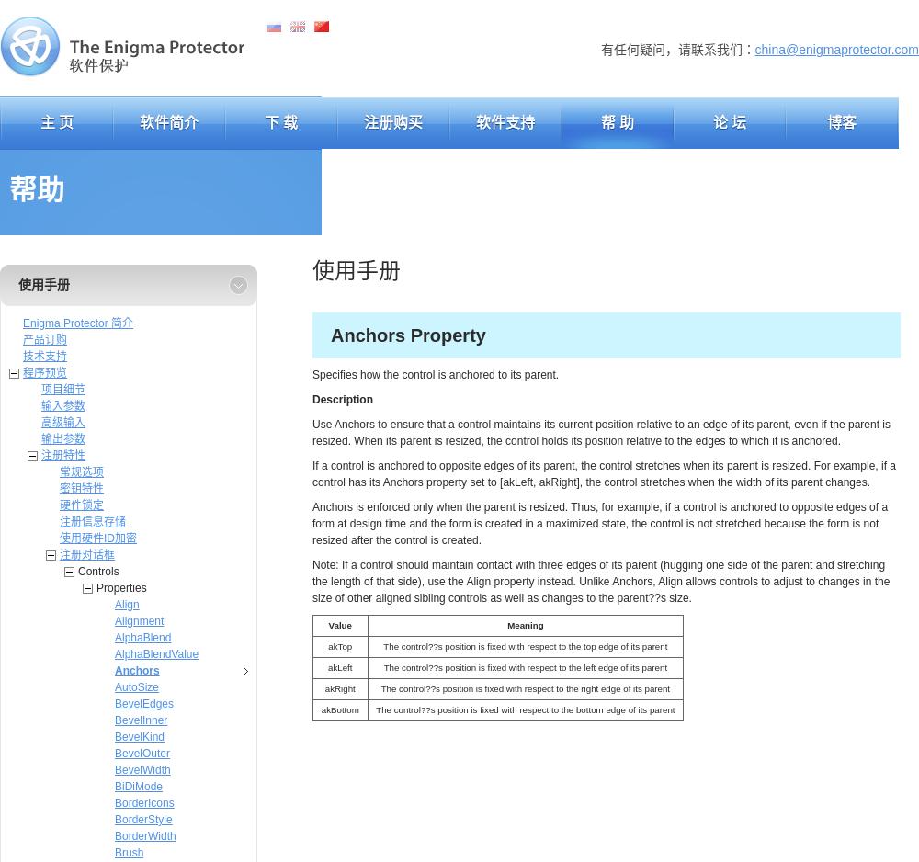 The height and width of the screenshot is (862, 919). I want to click on 'Anchors Property', so click(407, 335).